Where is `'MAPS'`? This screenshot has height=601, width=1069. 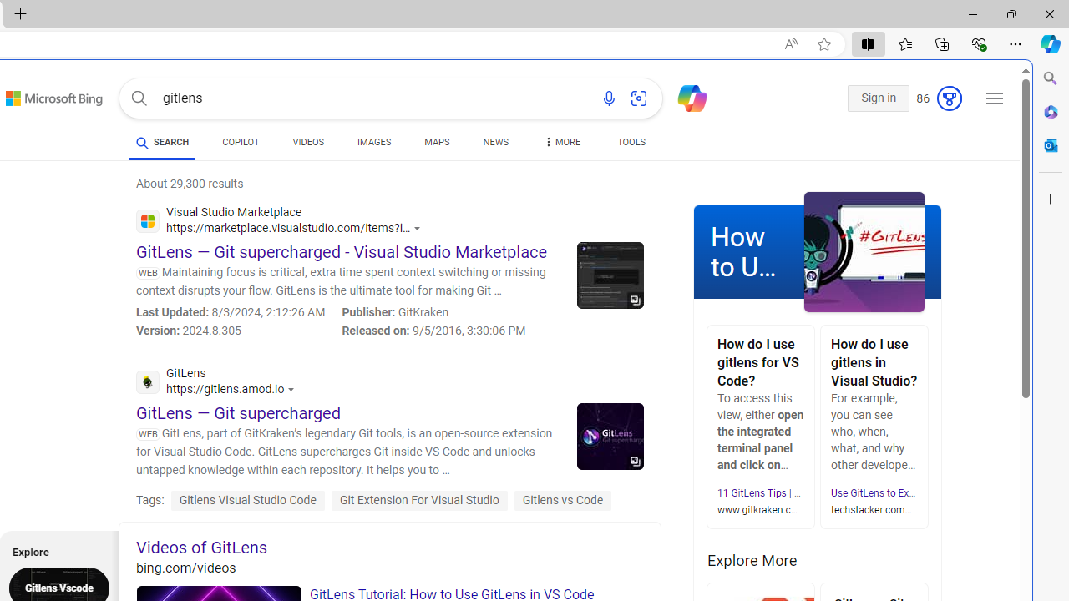 'MAPS' is located at coordinates (437, 142).